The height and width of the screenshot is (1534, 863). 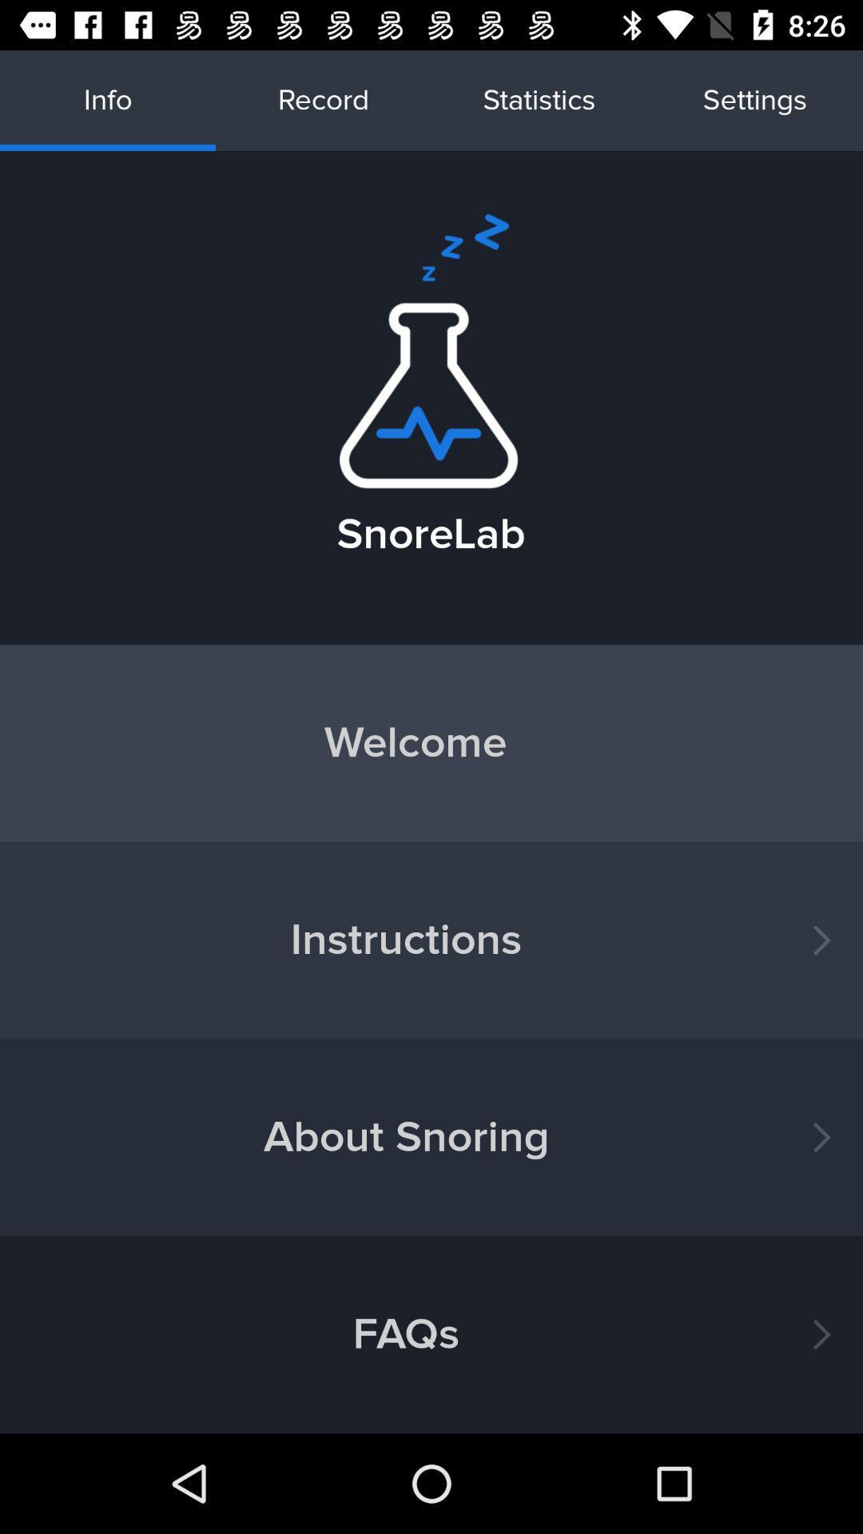 I want to click on the faqs item, so click(x=431, y=1334).